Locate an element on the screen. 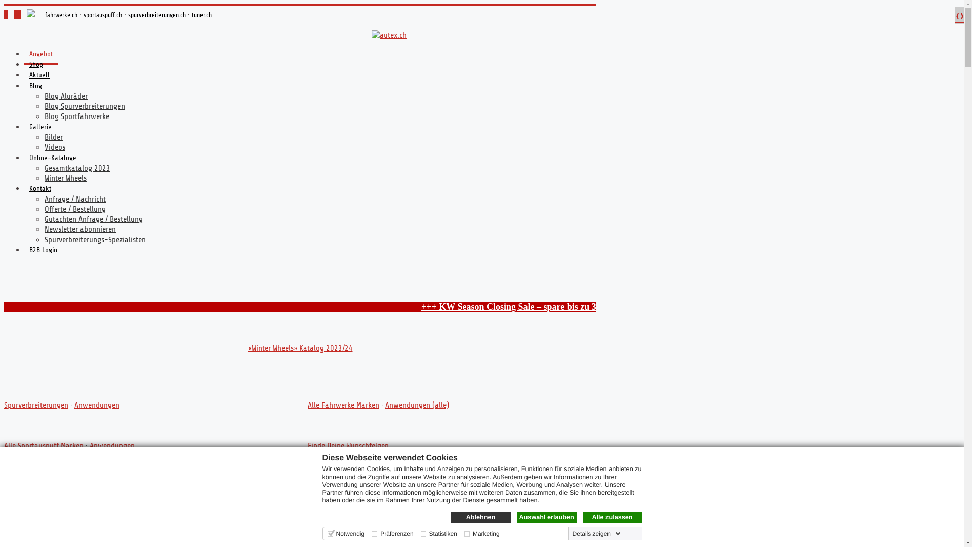  'Anfrage / Nachricht' is located at coordinates (74, 199).